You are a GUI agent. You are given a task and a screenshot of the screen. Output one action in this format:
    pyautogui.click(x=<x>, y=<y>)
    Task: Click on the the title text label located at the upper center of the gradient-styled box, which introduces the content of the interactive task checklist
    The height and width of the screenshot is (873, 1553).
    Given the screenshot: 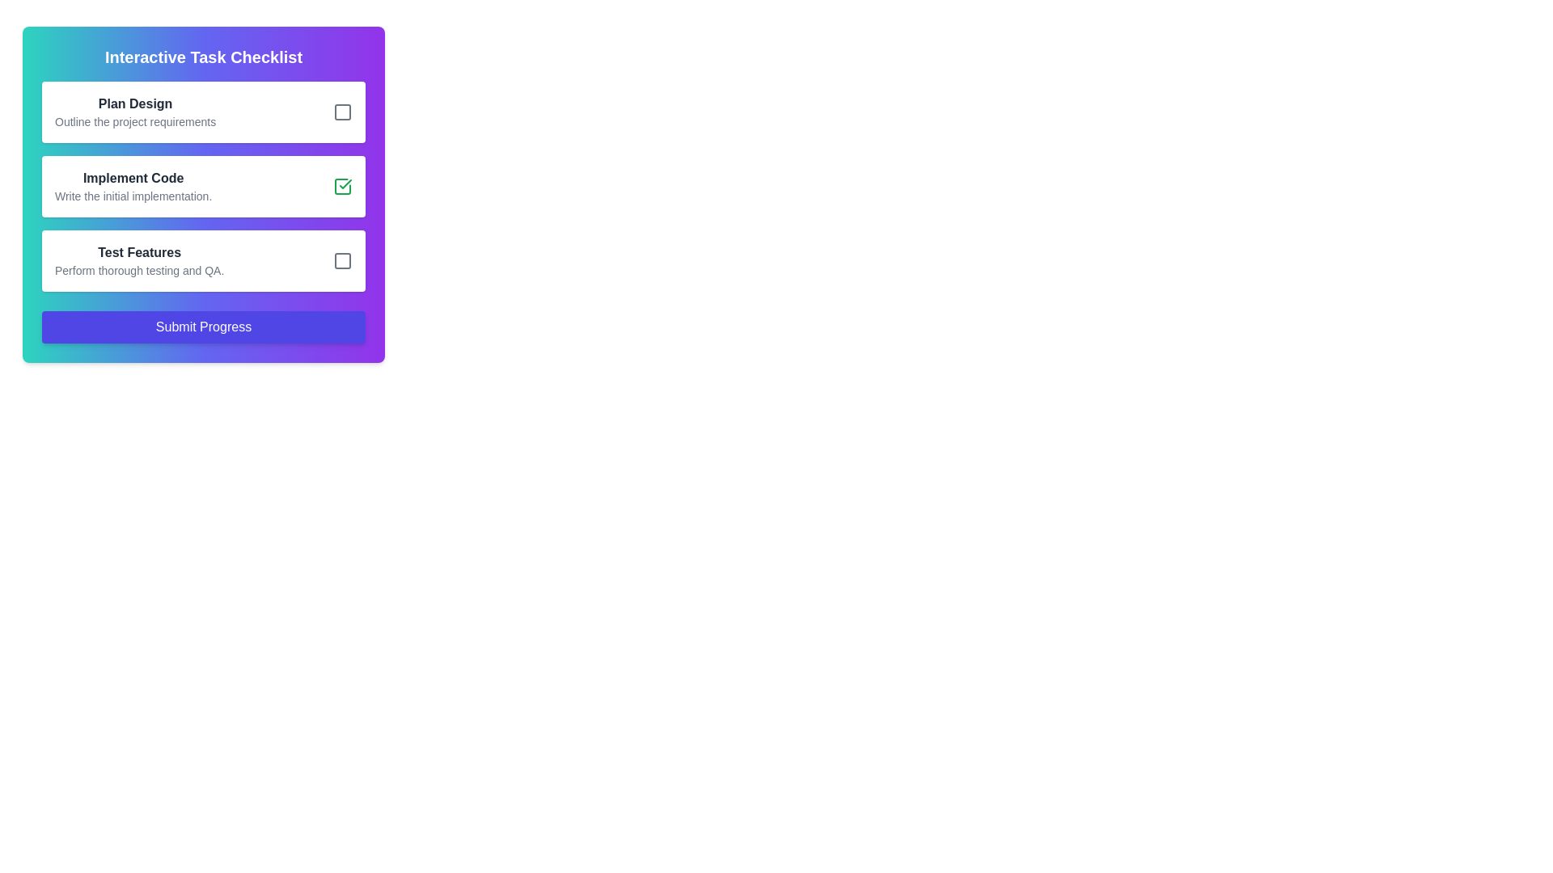 What is the action you would take?
    pyautogui.click(x=203, y=56)
    